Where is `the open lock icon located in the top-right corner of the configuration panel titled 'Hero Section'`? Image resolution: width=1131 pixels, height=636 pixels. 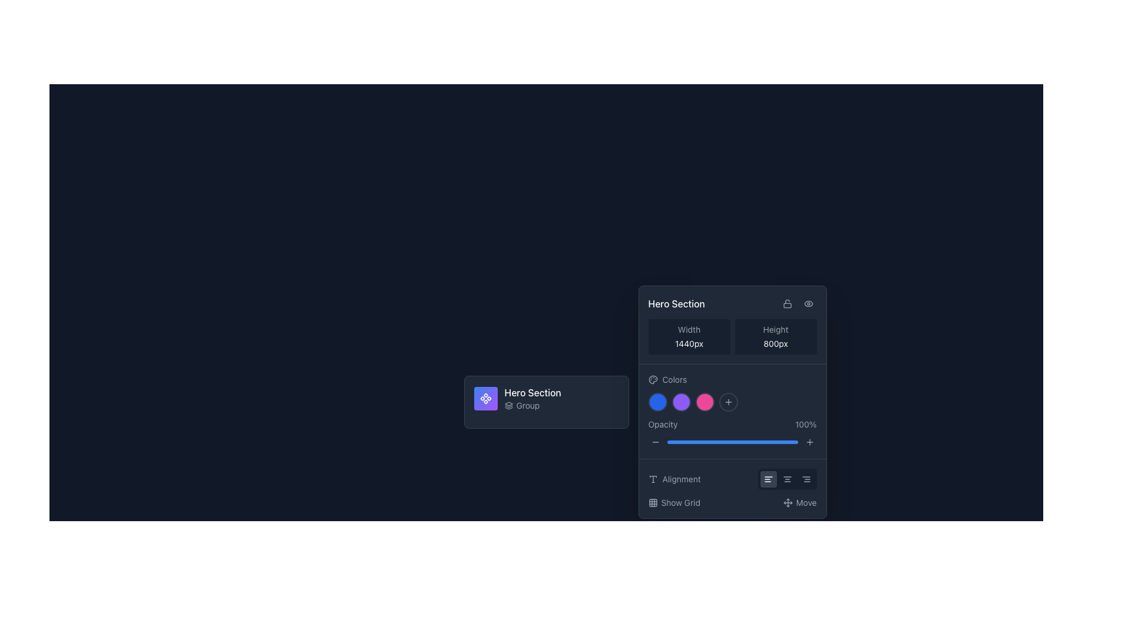
the open lock icon located in the top-right corner of the configuration panel titled 'Hero Section' is located at coordinates (787, 303).